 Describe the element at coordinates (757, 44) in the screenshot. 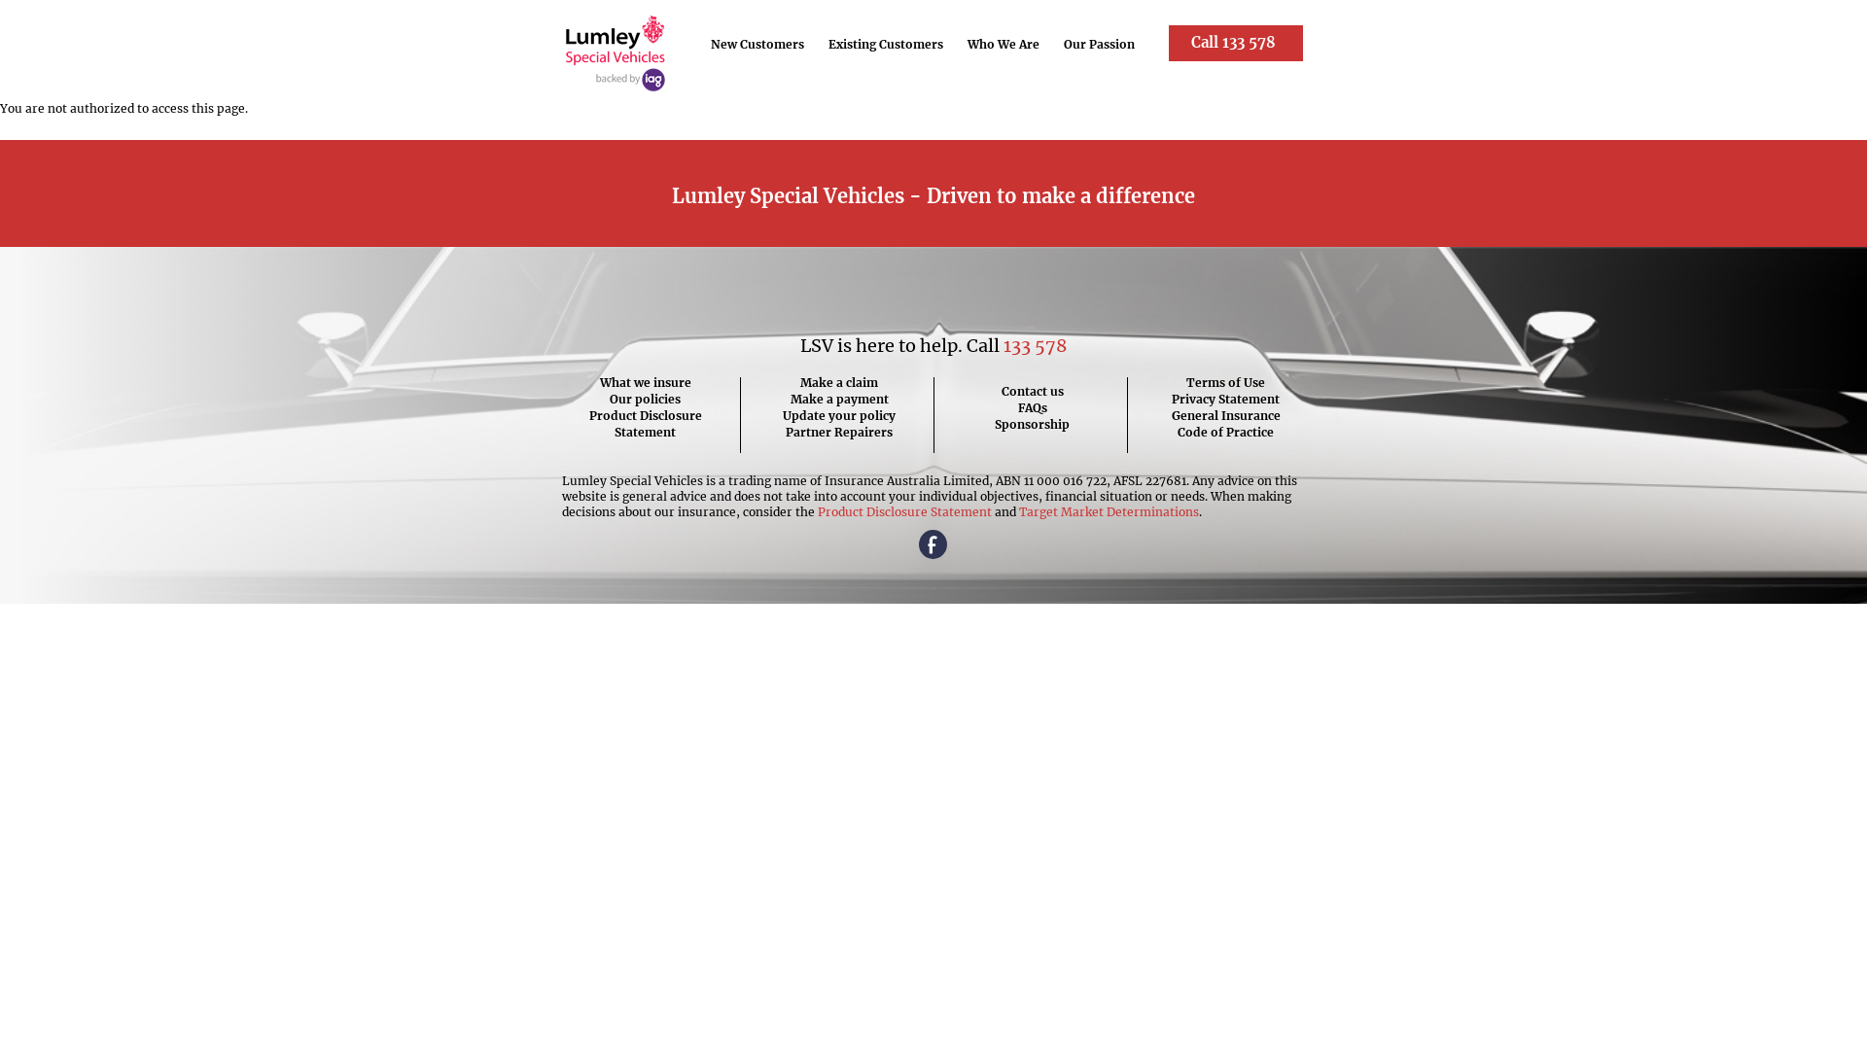

I see `'New Customers'` at that location.